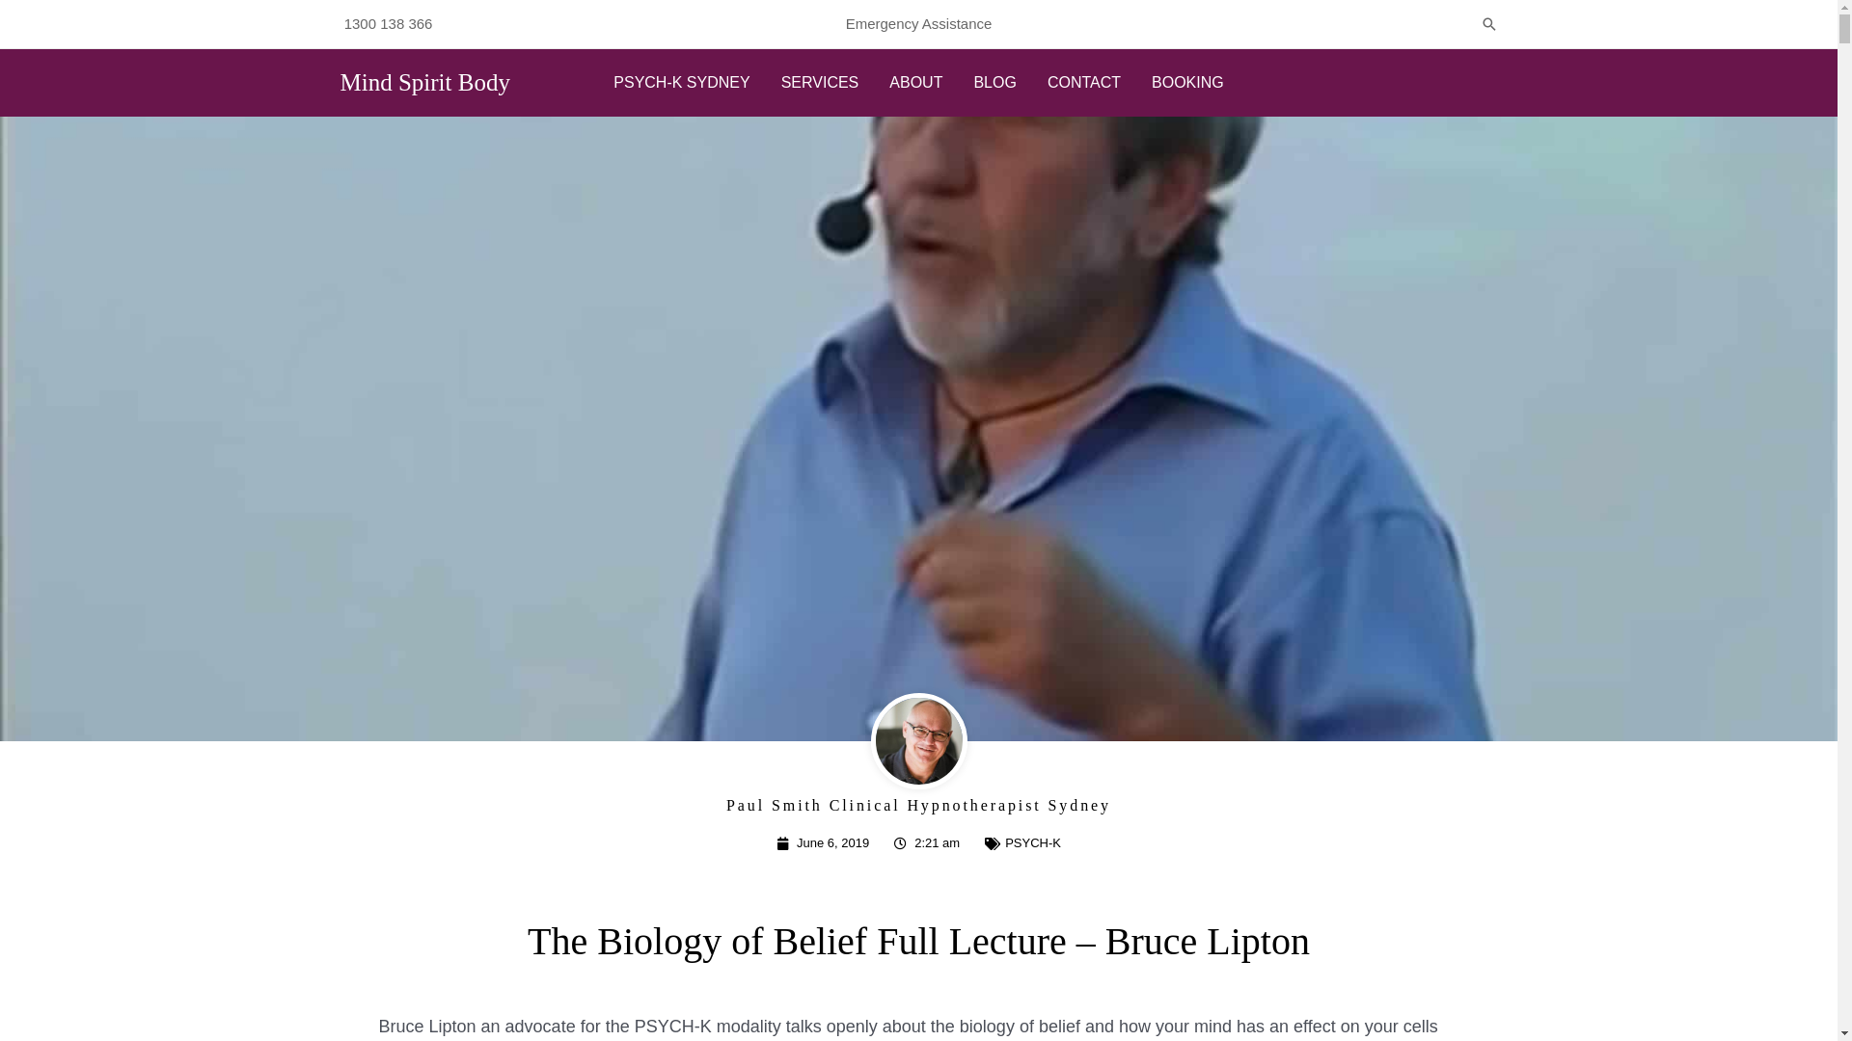 This screenshot has height=1041, width=1852. Describe the element at coordinates (918, 23) in the screenshot. I see `'Emergency Assistance'` at that location.